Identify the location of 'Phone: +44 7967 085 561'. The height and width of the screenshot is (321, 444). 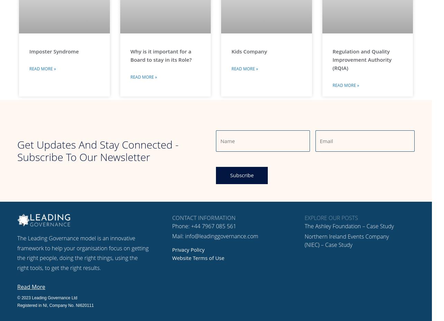
(204, 225).